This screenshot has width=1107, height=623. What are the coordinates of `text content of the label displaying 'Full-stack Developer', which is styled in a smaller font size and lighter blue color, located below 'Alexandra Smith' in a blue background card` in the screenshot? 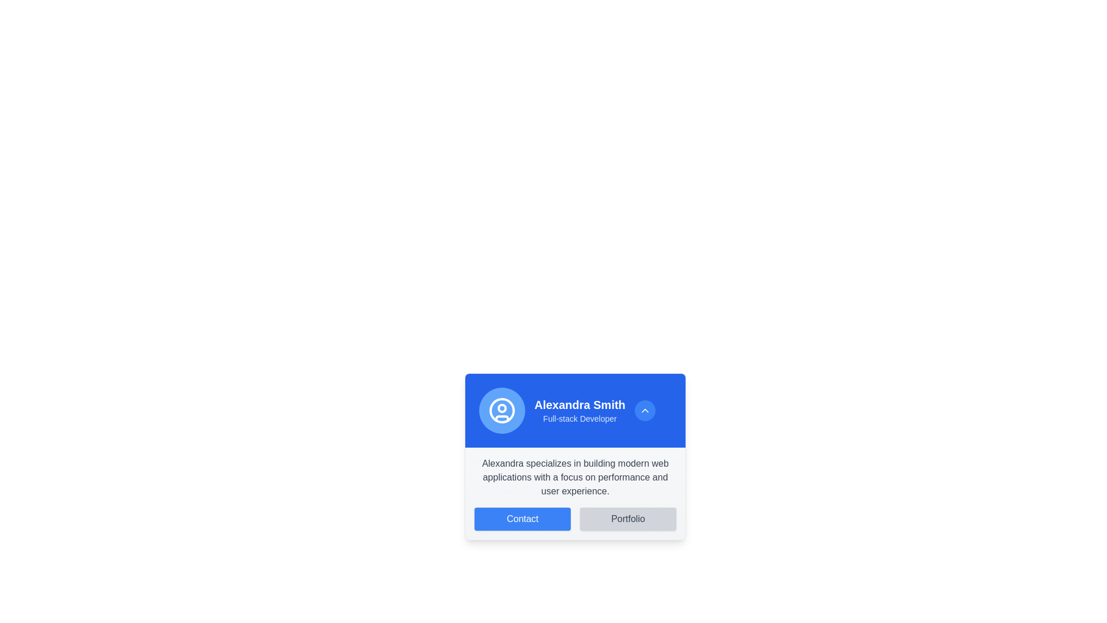 It's located at (579, 418).